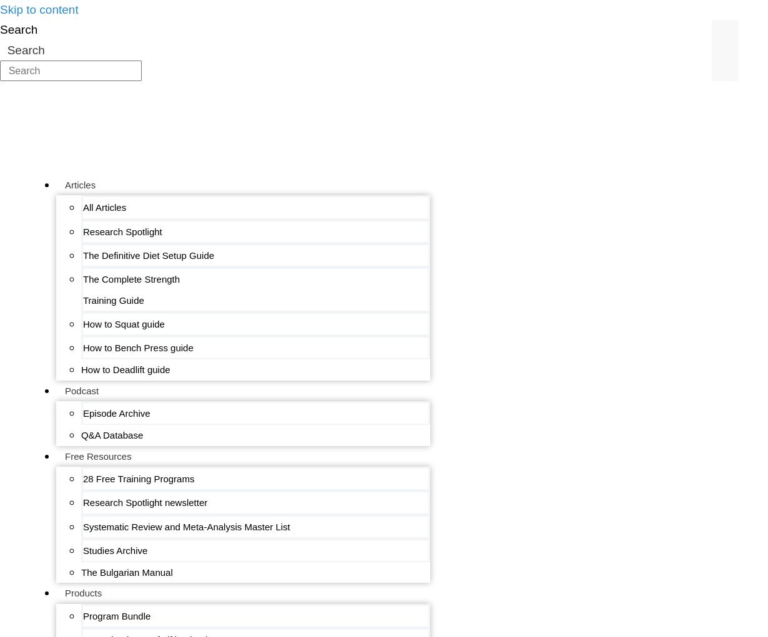 The width and height of the screenshot is (768, 637). What do you see at coordinates (83, 592) in the screenshot?
I see `'Products'` at bounding box center [83, 592].